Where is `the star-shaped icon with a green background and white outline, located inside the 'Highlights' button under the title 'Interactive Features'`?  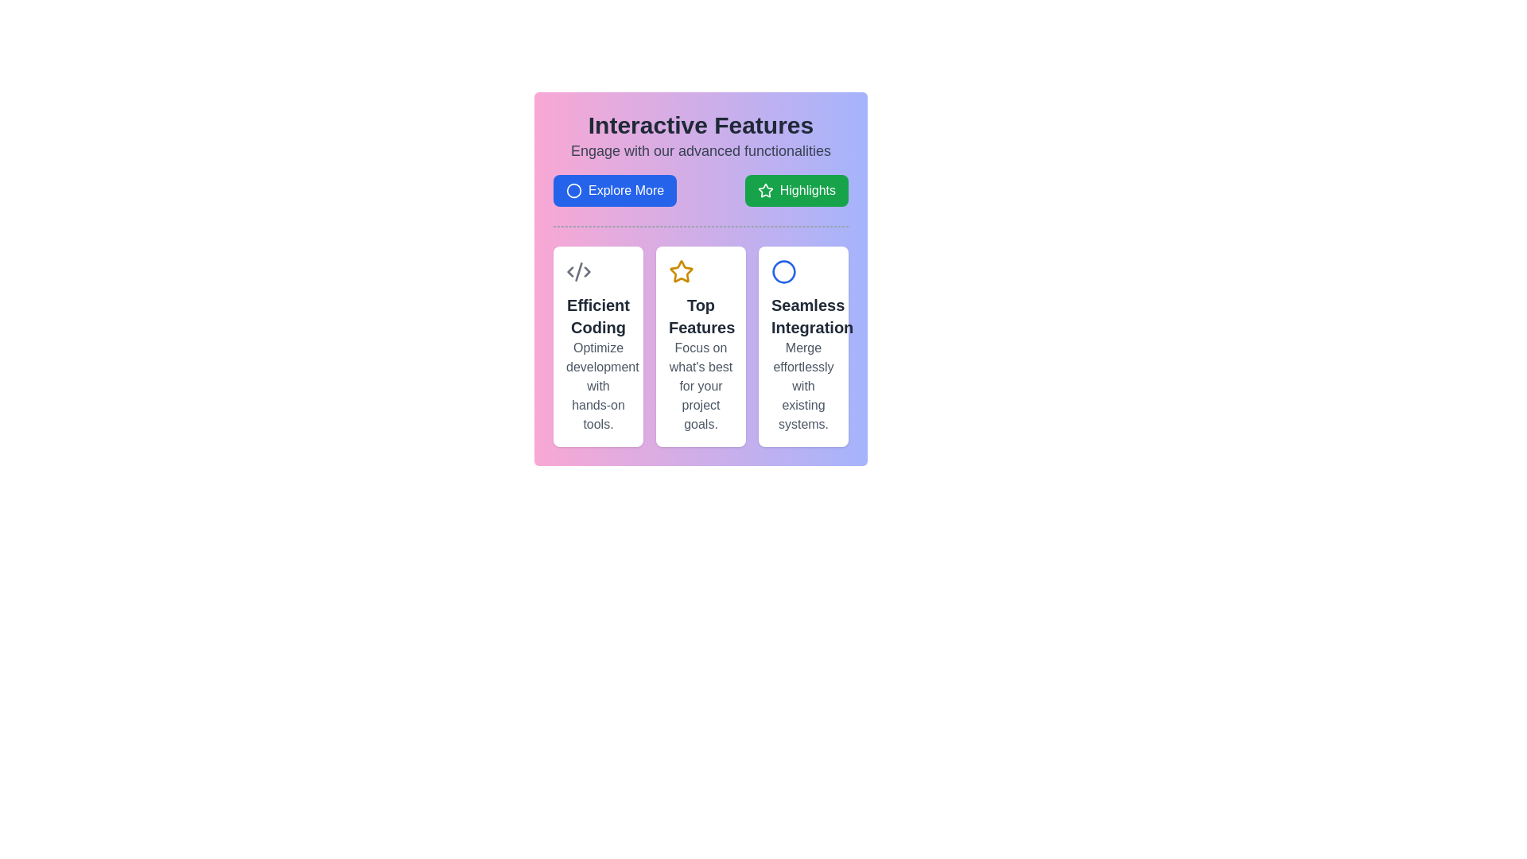
the star-shaped icon with a green background and white outline, located inside the 'Highlights' button under the title 'Interactive Features' is located at coordinates (765, 189).